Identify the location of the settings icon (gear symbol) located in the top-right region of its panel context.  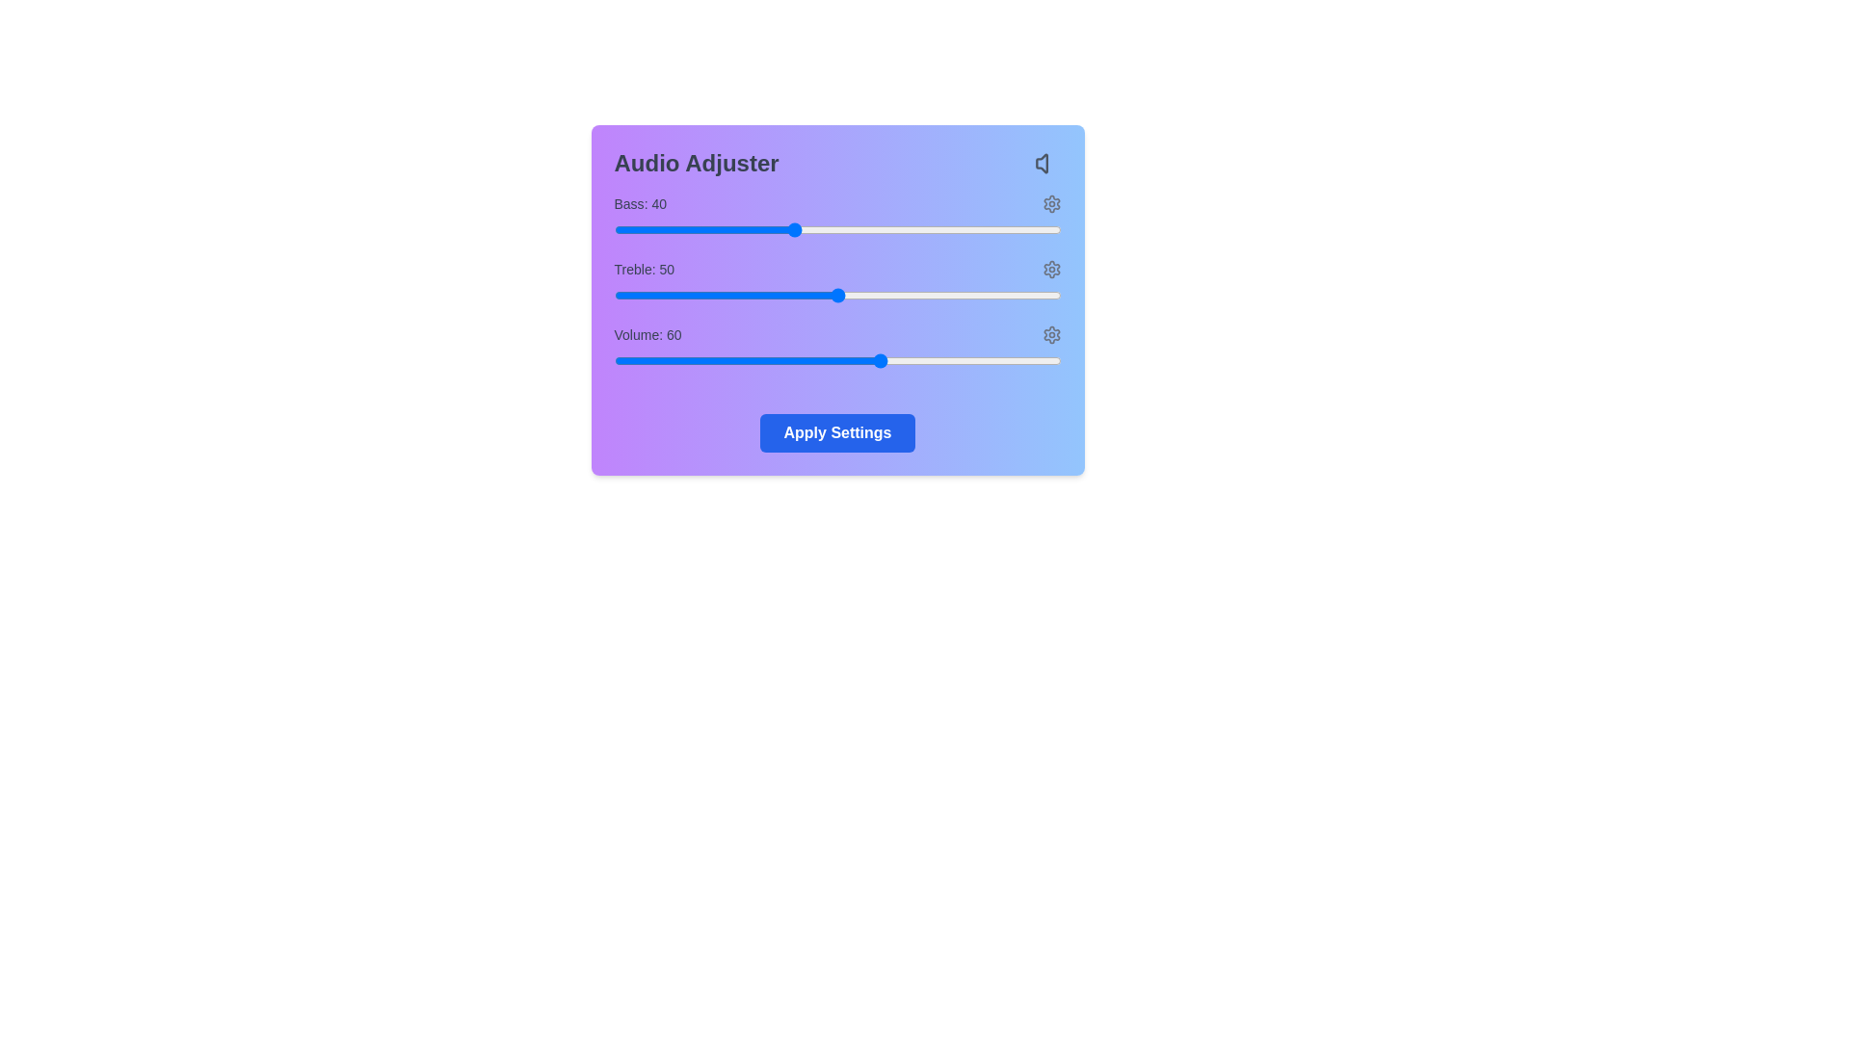
(1050, 270).